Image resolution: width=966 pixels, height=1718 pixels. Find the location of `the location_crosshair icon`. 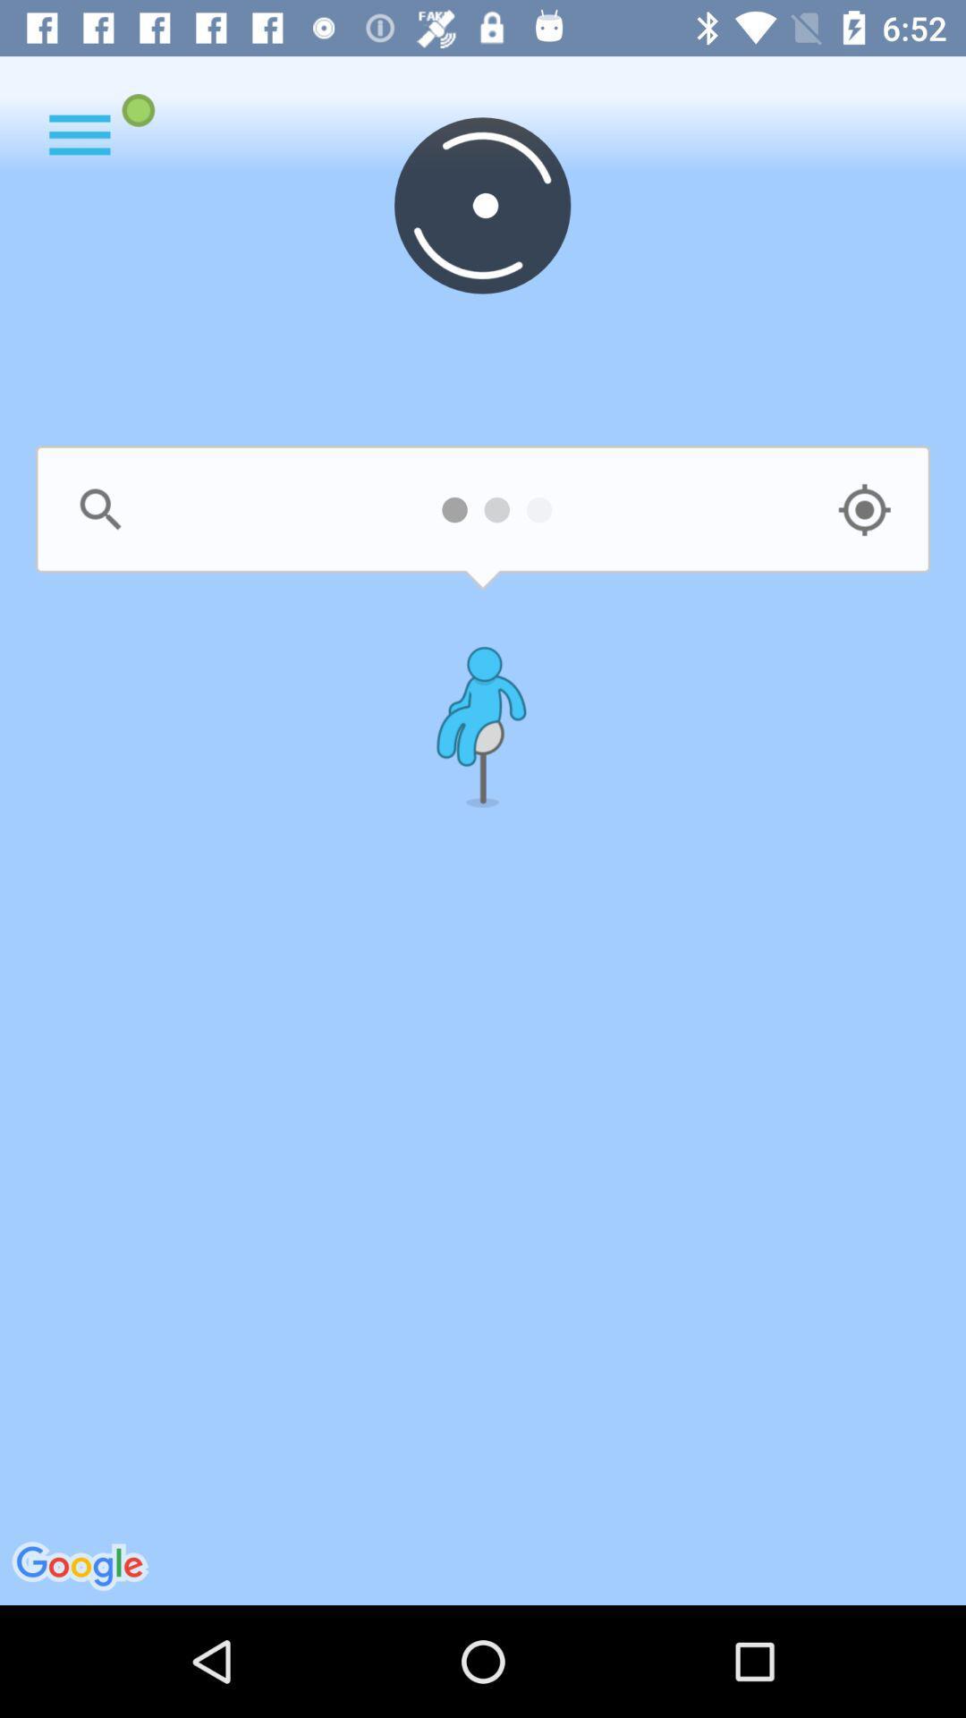

the location_crosshair icon is located at coordinates (863, 509).